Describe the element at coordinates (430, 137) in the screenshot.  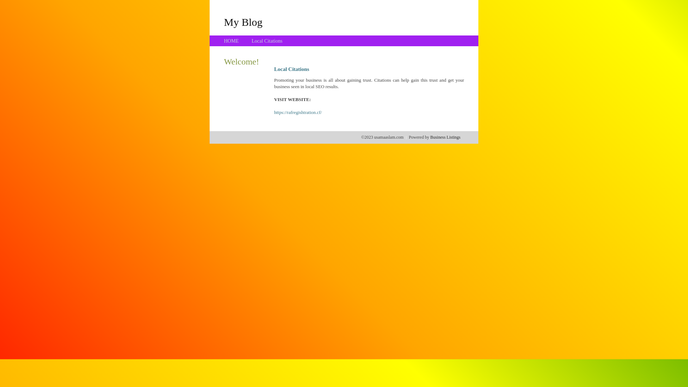
I see `'Business Listings'` at that location.